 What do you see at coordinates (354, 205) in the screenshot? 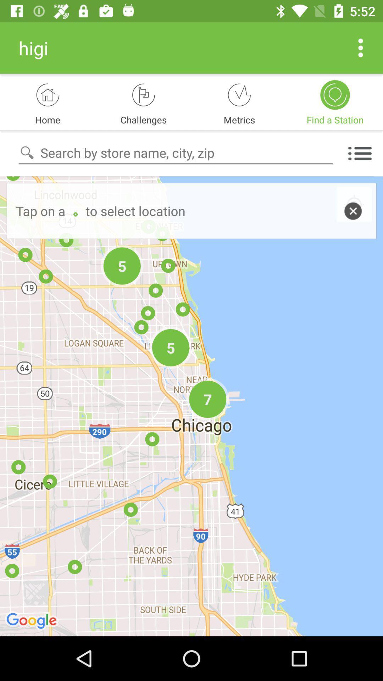
I see `the x mark` at bounding box center [354, 205].